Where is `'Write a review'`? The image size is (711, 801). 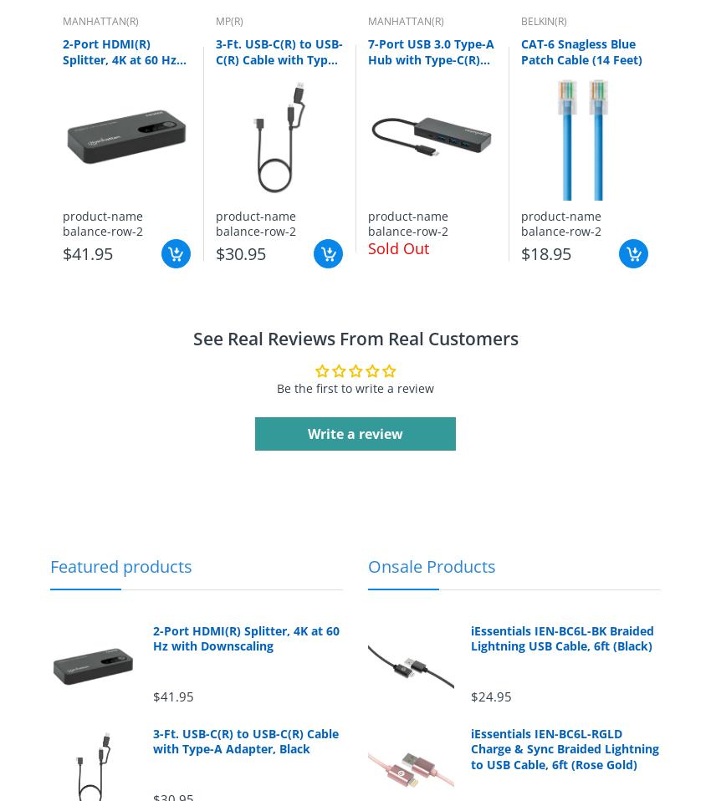
'Write a review' is located at coordinates (355, 431).